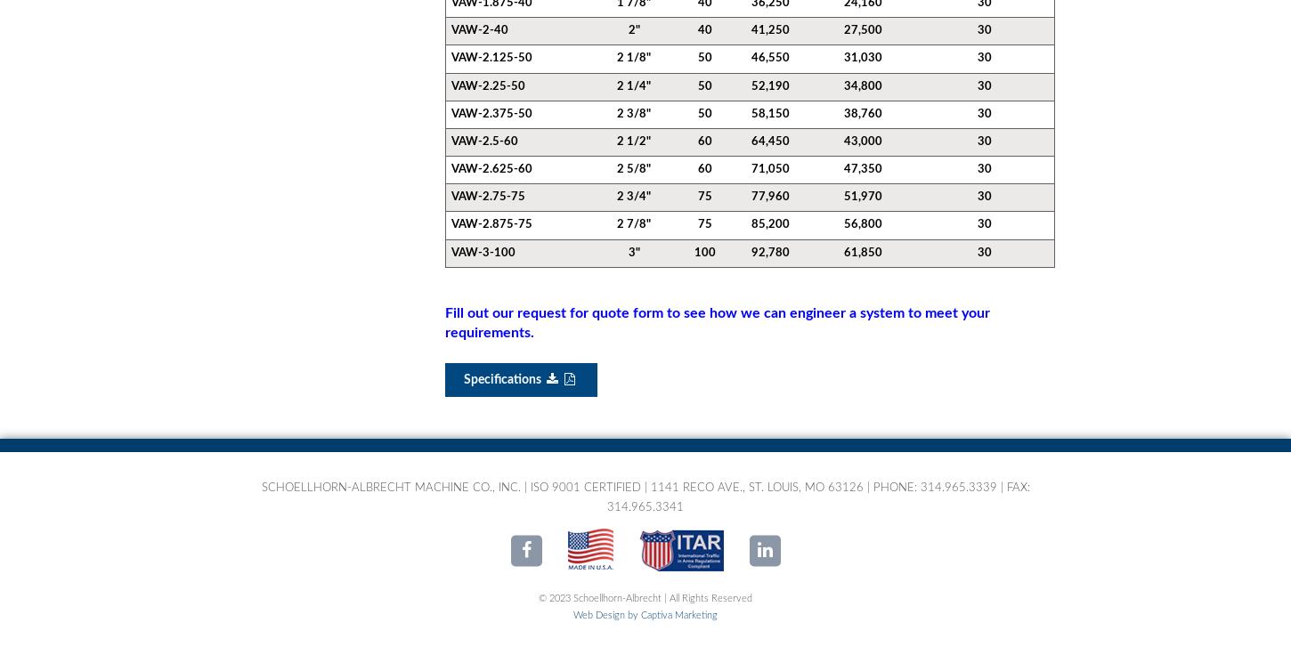  What do you see at coordinates (769, 252) in the screenshot?
I see `'92,780'` at bounding box center [769, 252].